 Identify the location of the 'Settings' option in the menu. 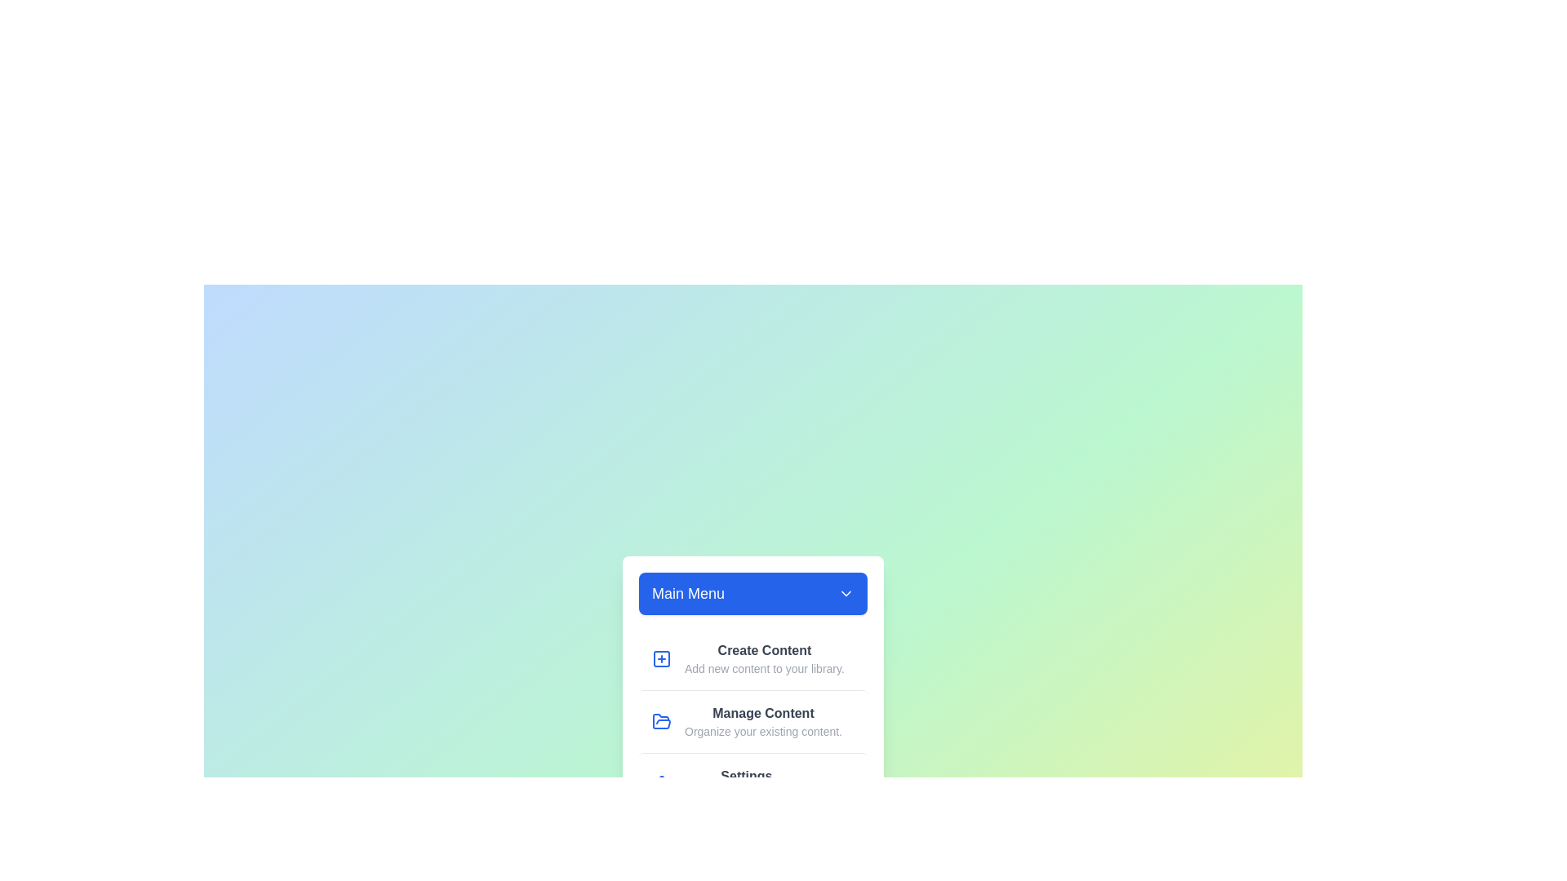
(752, 782).